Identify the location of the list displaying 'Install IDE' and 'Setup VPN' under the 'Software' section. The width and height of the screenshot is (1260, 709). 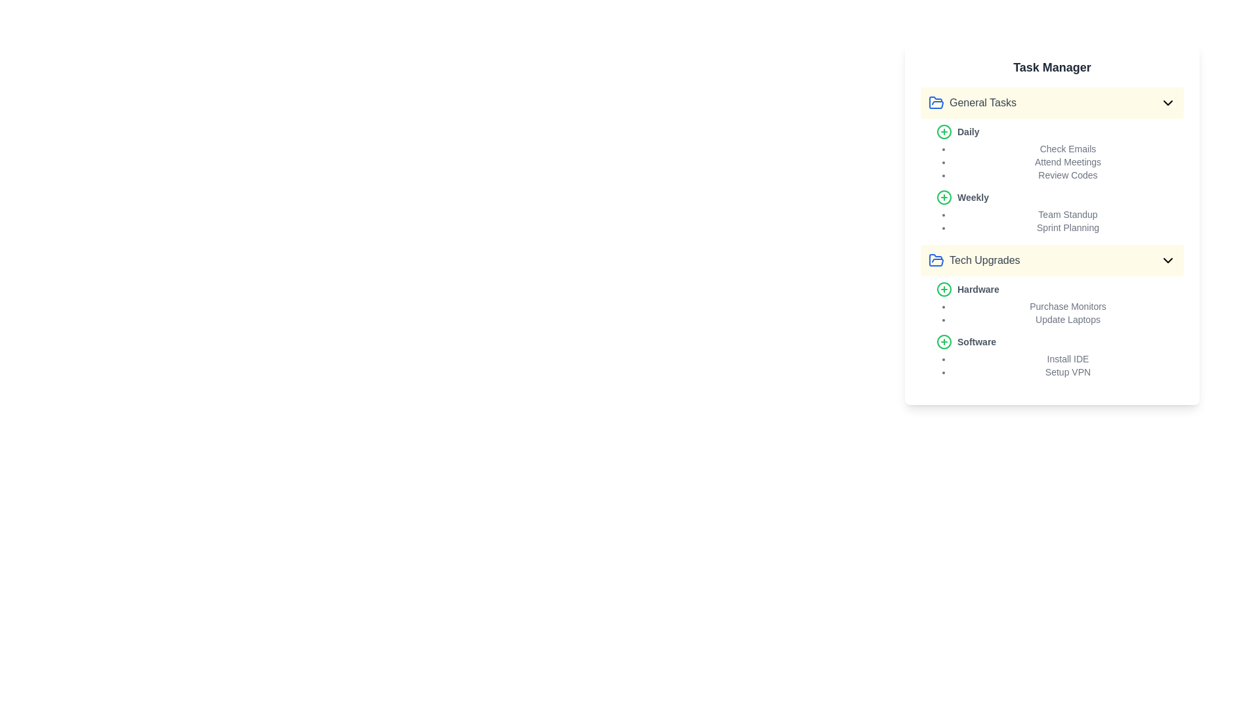
(1060, 356).